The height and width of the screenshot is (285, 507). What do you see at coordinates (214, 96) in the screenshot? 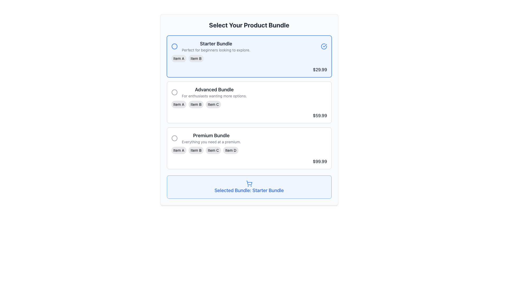
I see `the descriptive text label located below the 'Advanced Bundle' label within the 'Advanced Bundle' card, which serves as a tagline for the bundle` at bounding box center [214, 96].